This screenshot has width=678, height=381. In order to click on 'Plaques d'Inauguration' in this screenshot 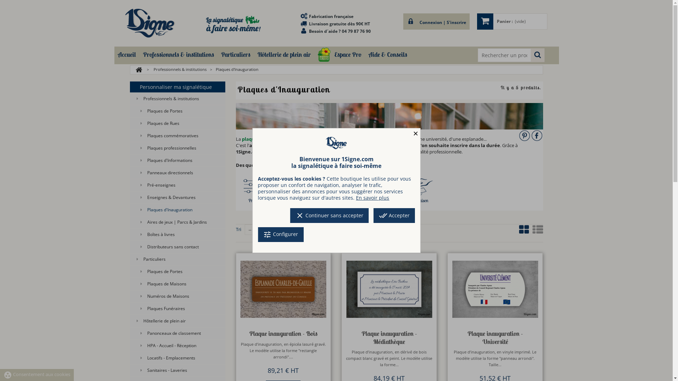, I will do `click(178, 209)`.